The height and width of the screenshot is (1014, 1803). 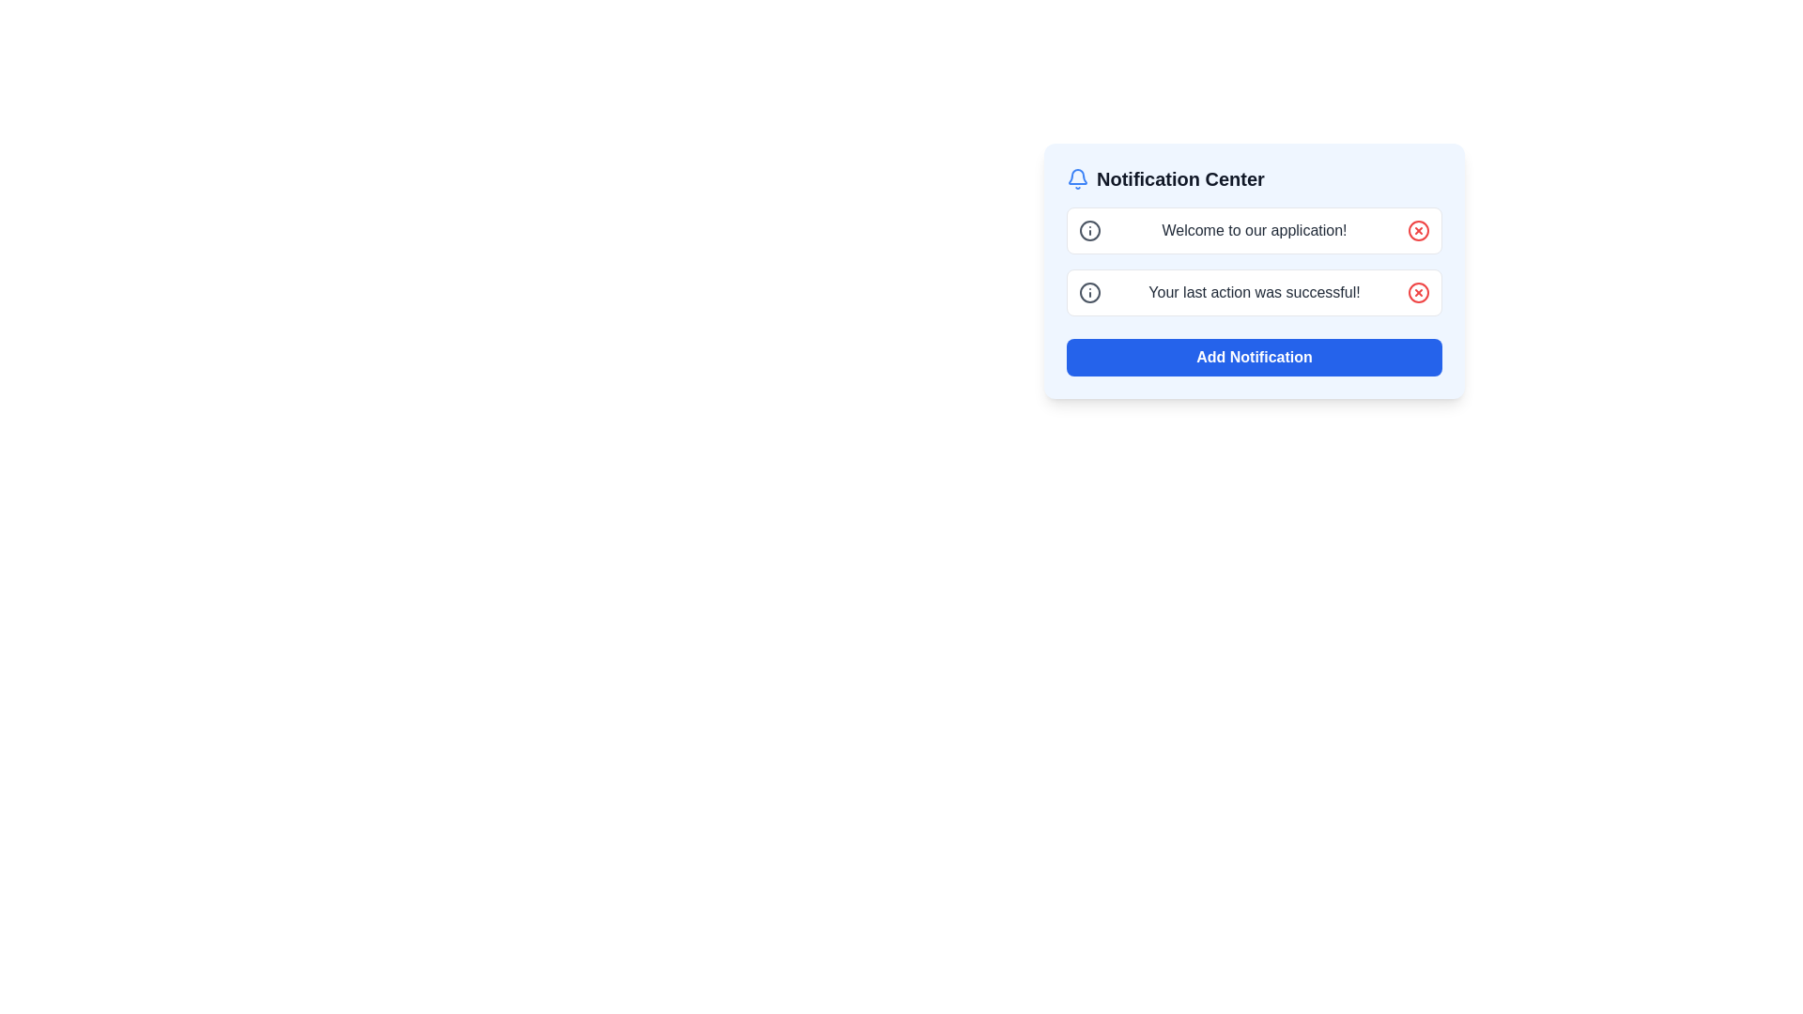 What do you see at coordinates (1090, 230) in the screenshot?
I see `the decorative circle within the SVG graphic that is part of the 'info' icon, located to the left of the text 'Your last action was successful!' in the second notification entry` at bounding box center [1090, 230].